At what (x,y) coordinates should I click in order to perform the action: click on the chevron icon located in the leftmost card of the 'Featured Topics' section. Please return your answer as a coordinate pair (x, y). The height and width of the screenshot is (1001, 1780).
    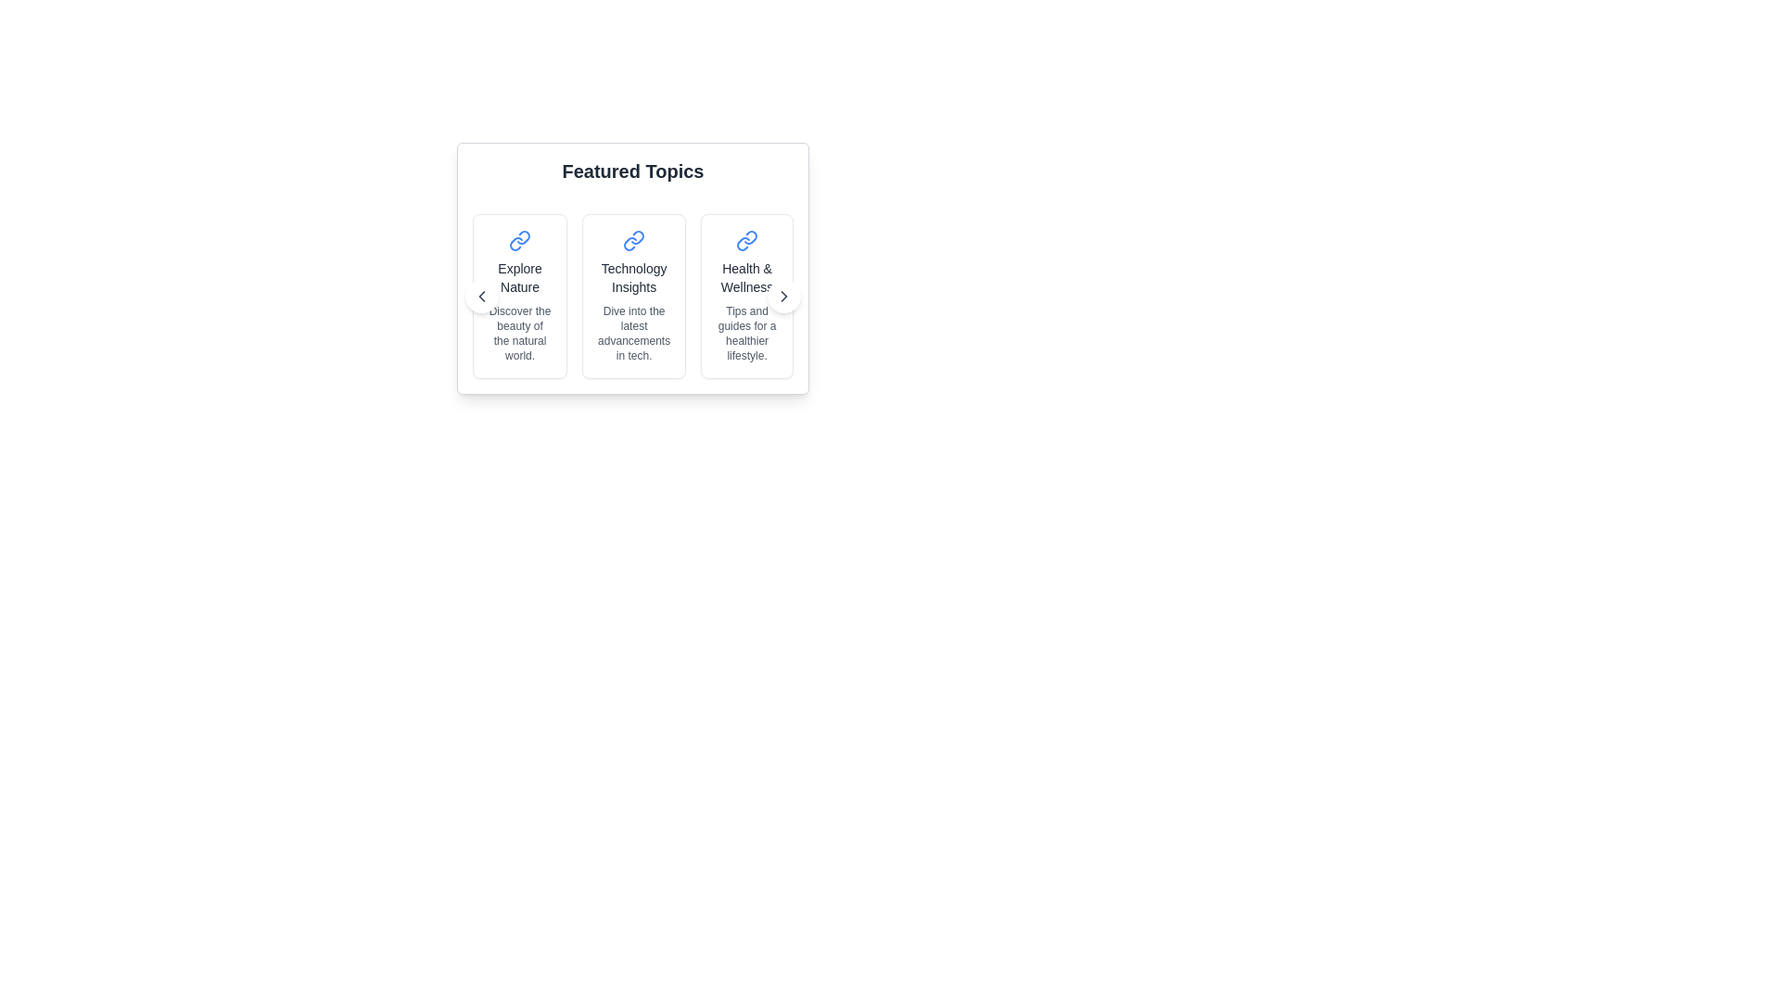
    Looking at the image, I should click on (481, 296).